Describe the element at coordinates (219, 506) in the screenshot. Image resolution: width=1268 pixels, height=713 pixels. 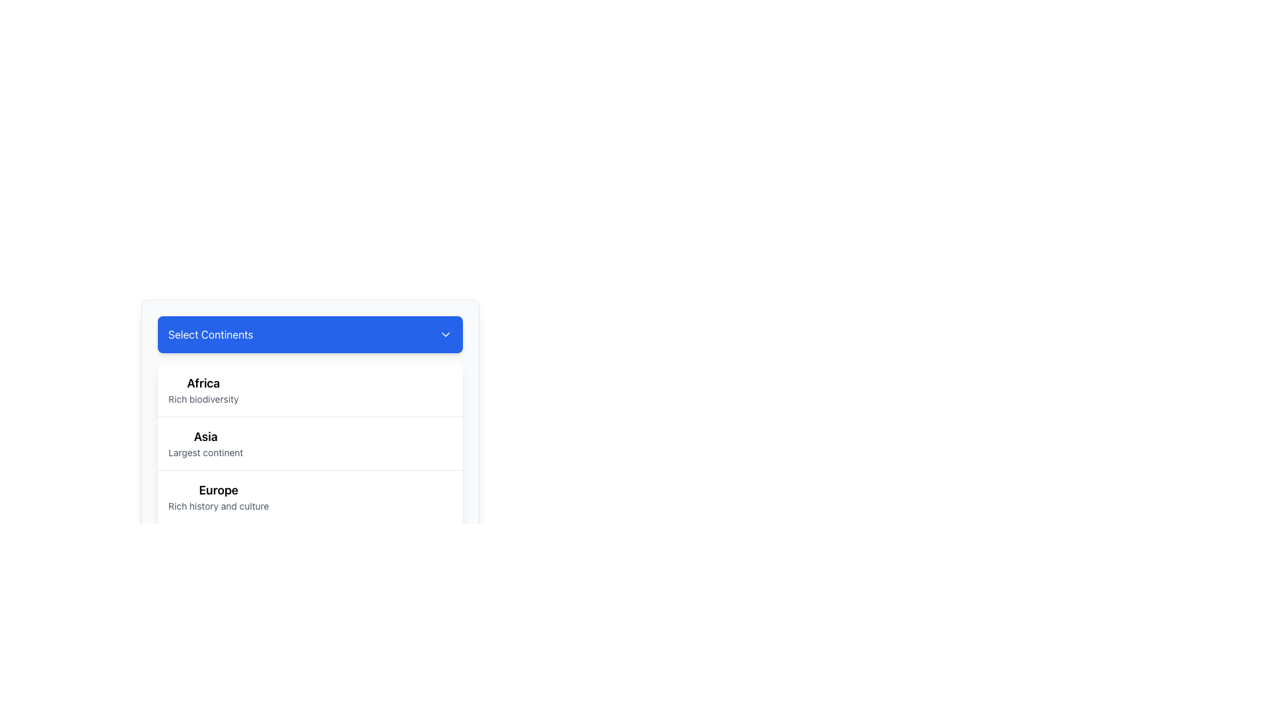
I see `descriptive subtitle text label located directly underneath the title 'Europe' in the dropdown menu` at that location.